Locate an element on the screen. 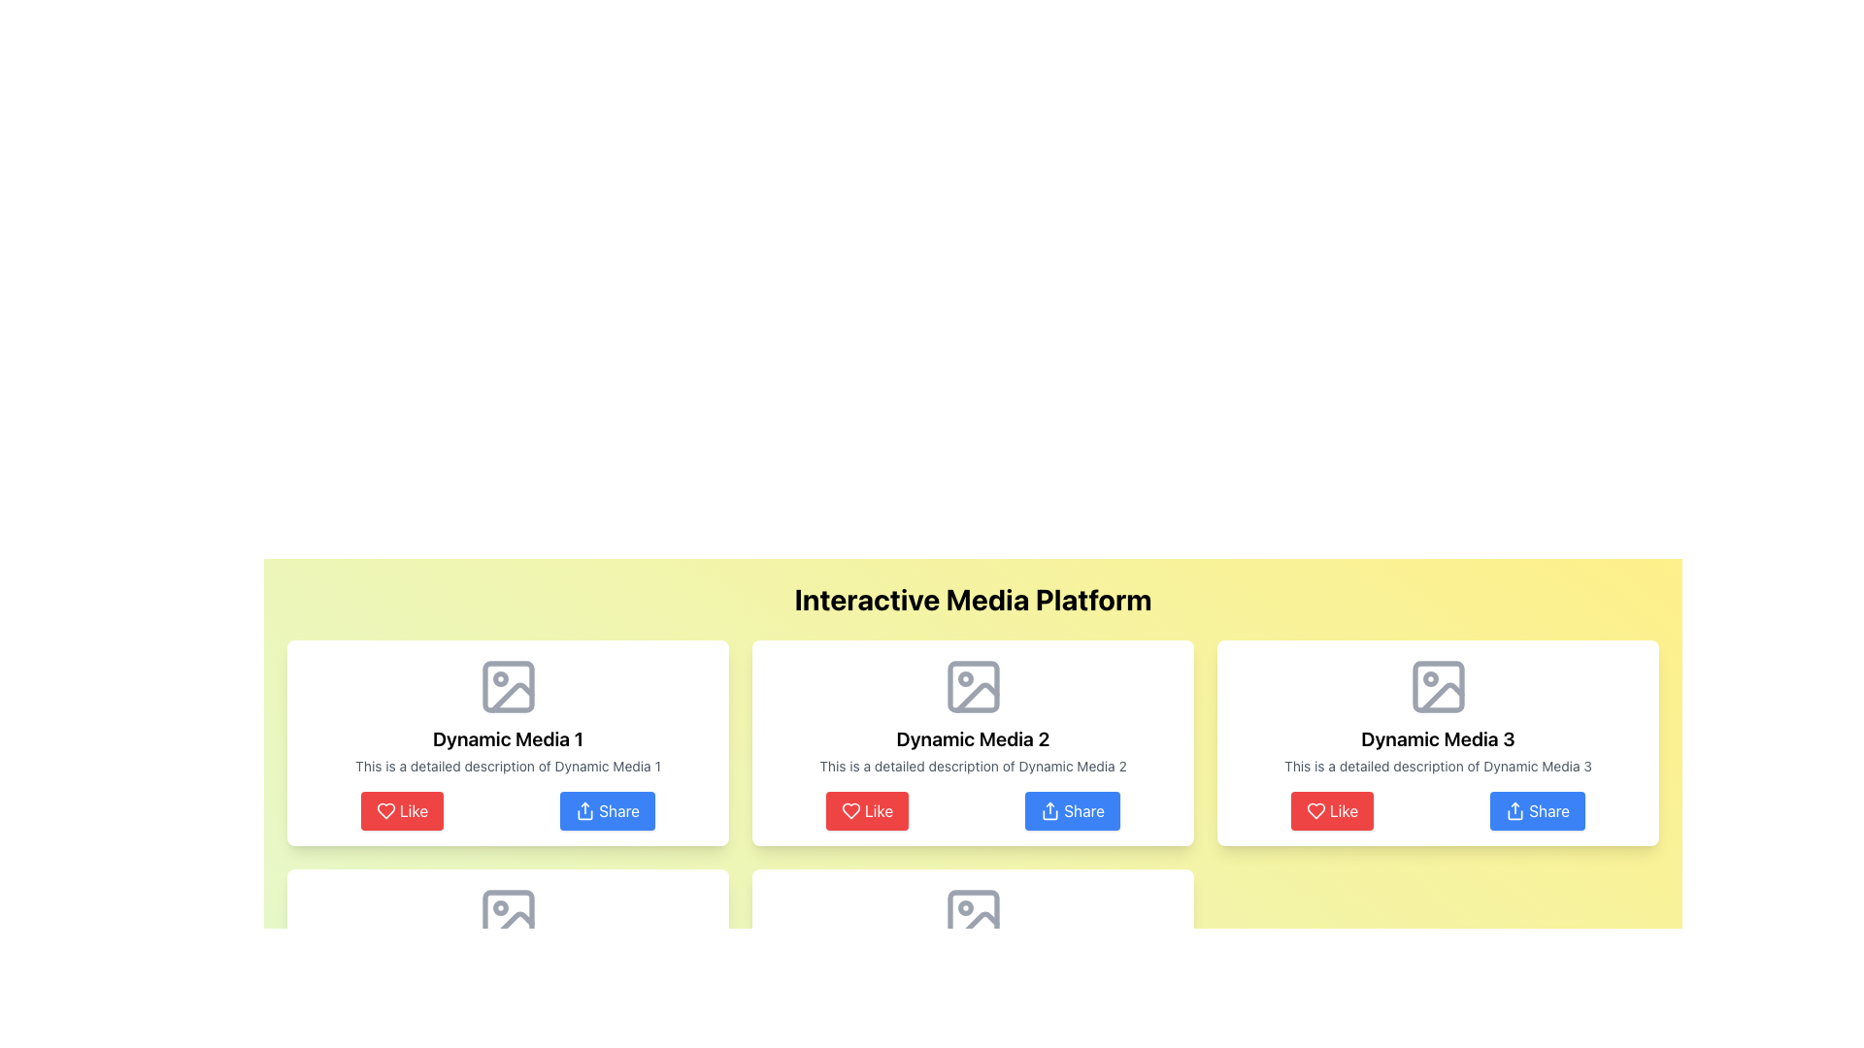 Image resolution: width=1864 pixels, height=1048 pixels. the heart-shaped 'like' icon filled with red coloring from its position within the 'Dynamic Media 2' card is located at coordinates (851, 811).